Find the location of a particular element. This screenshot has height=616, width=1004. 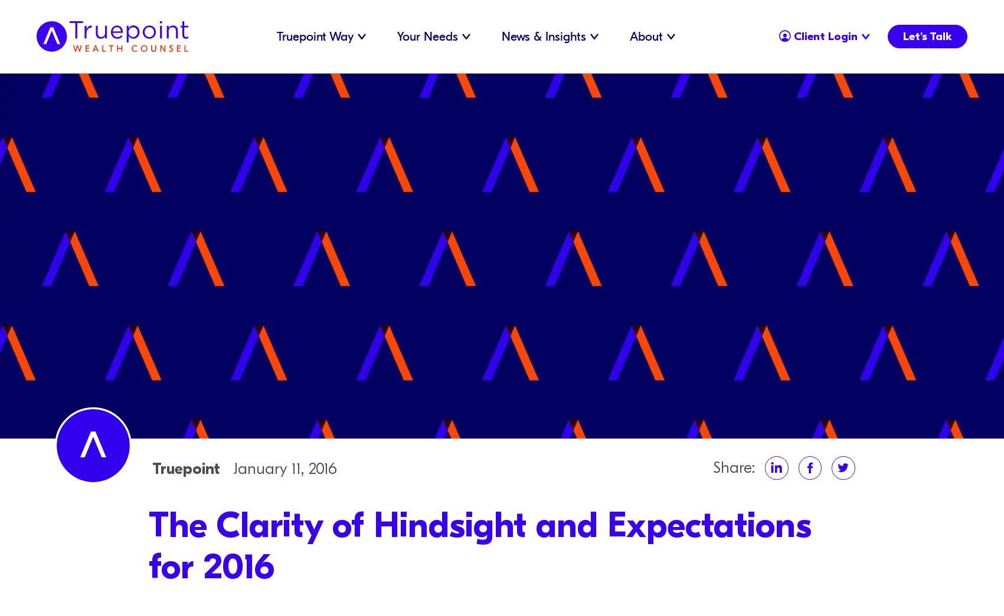

'About' is located at coordinates (646, 36).